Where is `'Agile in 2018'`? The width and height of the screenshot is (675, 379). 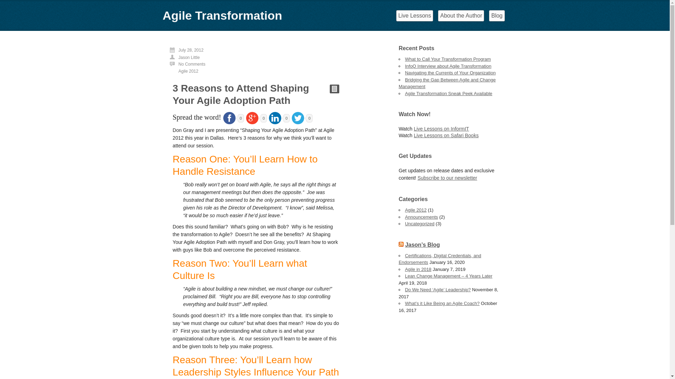
'Agile in 2018' is located at coordinates (418, 269).